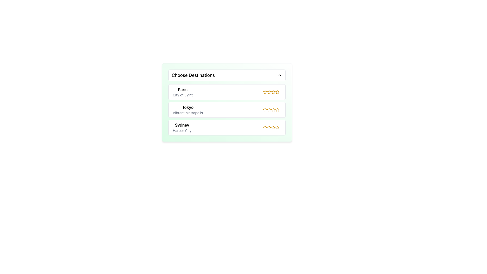 The height and width of the screenshot is (274, 487). Describe the element at coordinates (269, 127) in the screenshot. I see `the second star icon representing a rating system for the 'Sydney' row in the list of destinations, which is colored in gold and part of a group of five stars` at that location.